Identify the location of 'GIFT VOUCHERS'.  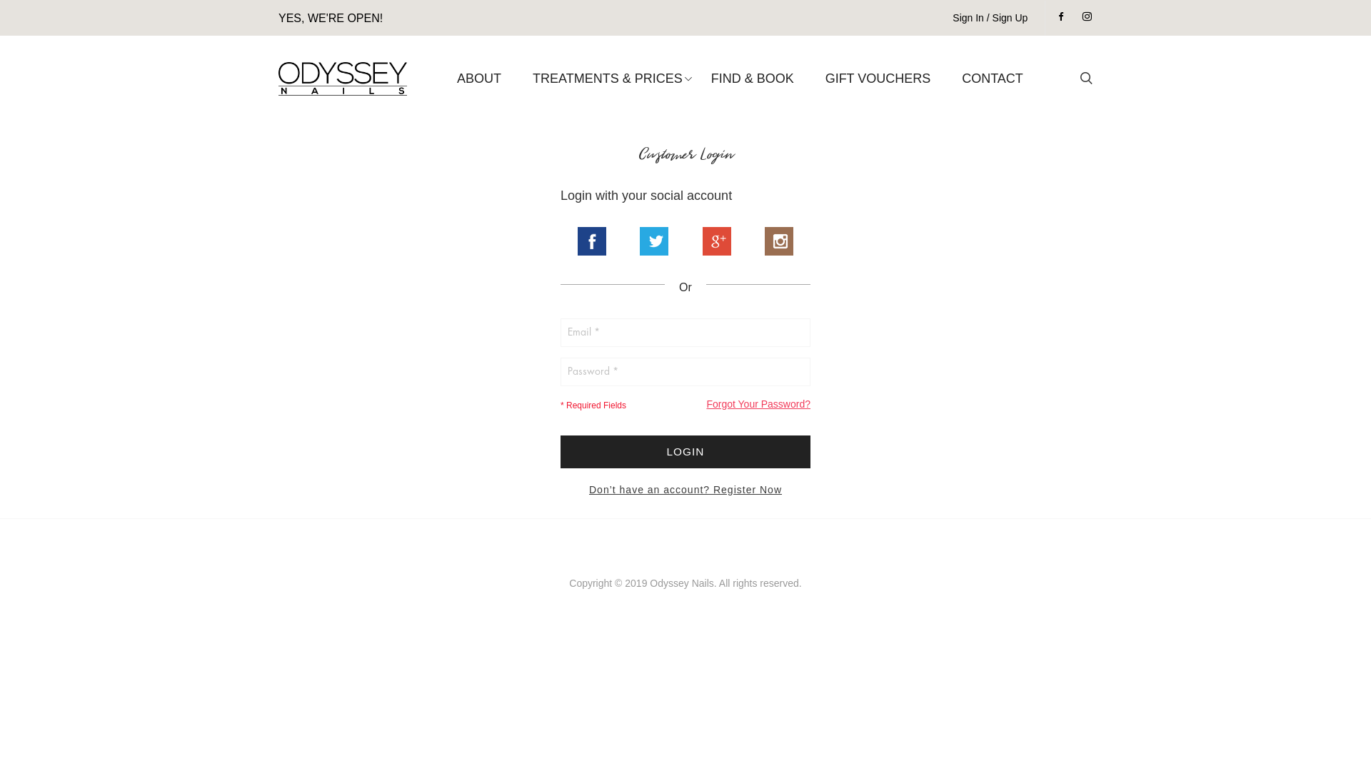
(818, 79).